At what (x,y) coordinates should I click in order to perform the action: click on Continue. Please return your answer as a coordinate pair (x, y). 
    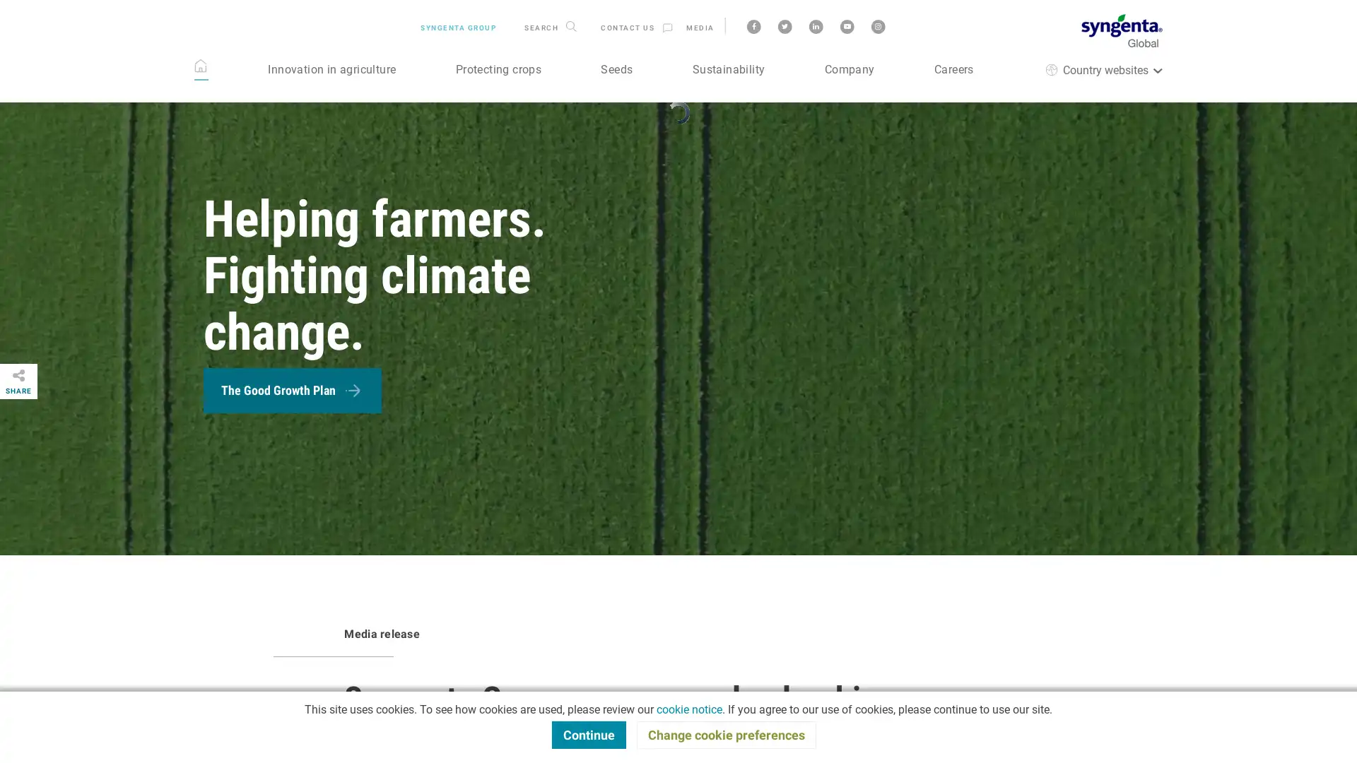
    Looking at the image, I should click on (588, 734).